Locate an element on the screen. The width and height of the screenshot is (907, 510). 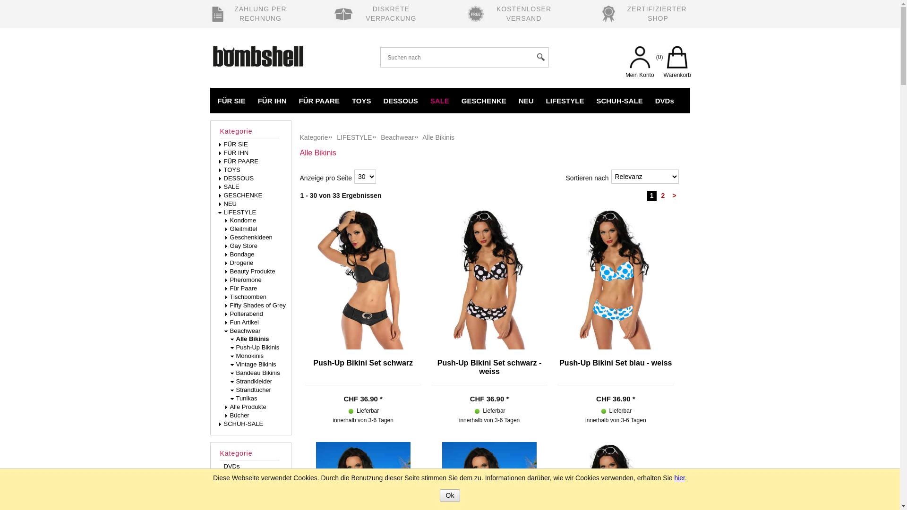
'Ok' is located at coordinates (439, 495).